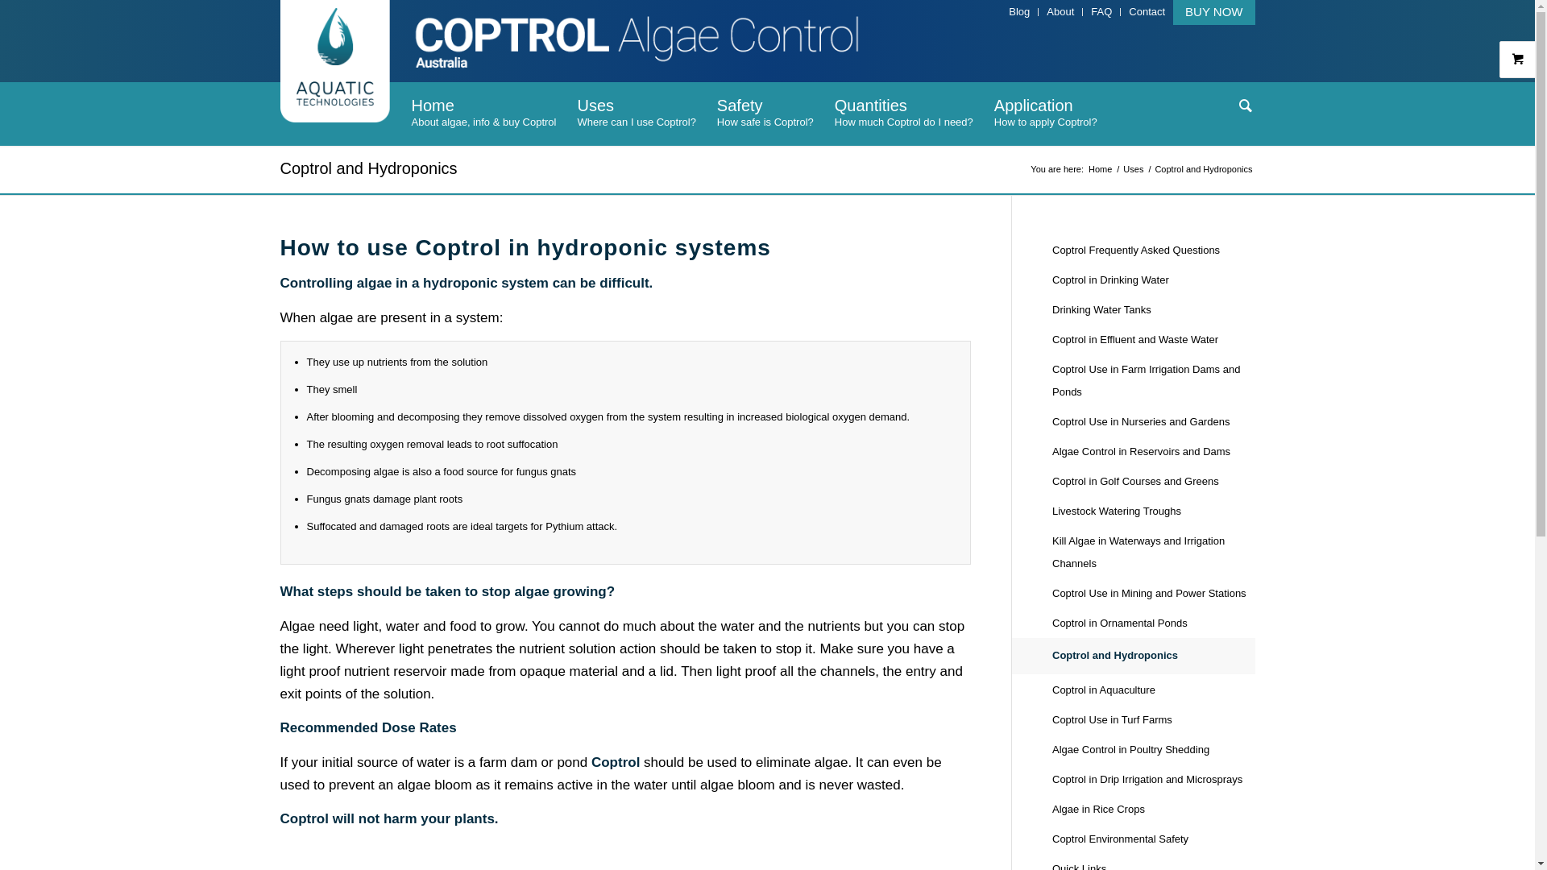 This screenshot has height=870, width=1547. What do you see at coordinates (1060, 11) in the screenshot?
I see `'About'` at bounding box center [1060, 11].